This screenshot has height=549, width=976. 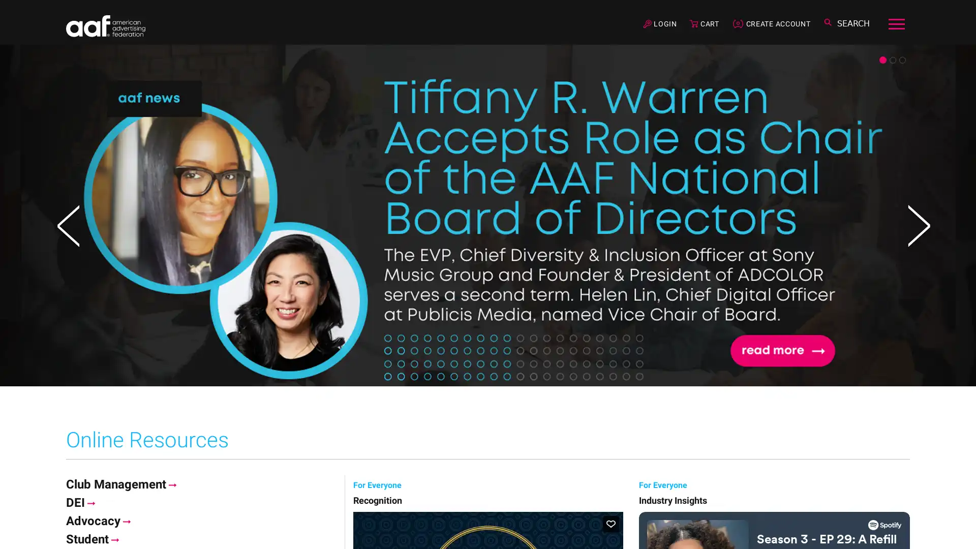 I want to click on Toggle navigation, so click(x=900, y=23).